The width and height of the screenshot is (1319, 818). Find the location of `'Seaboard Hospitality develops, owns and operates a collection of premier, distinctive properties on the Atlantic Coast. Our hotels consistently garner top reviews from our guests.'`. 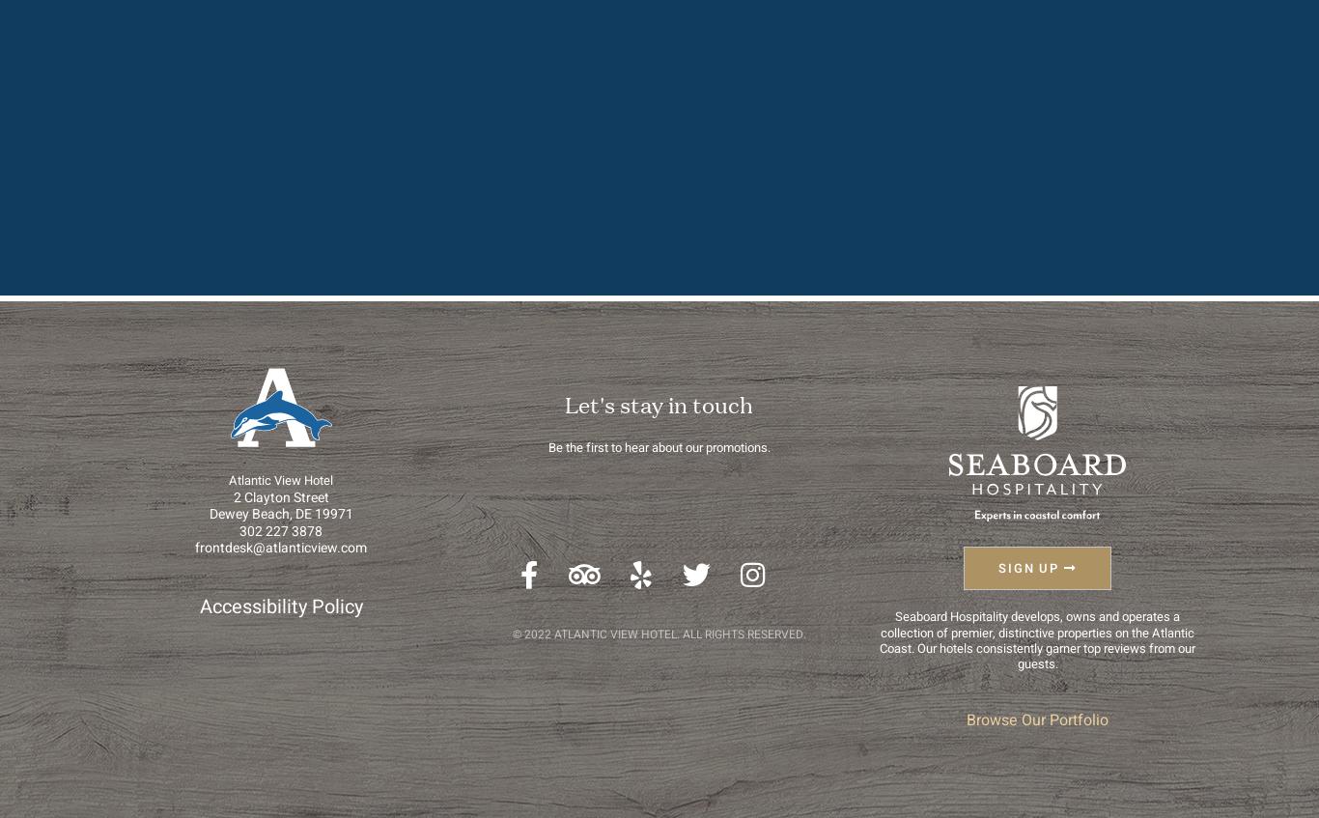

'Seaboard Hospitality develops, owns and operates a collection of premier, distinctive properties on the Atlantic Coast. Our hotels consistently garner top reviews from our guests.' is located at coordinates (1036, 639).